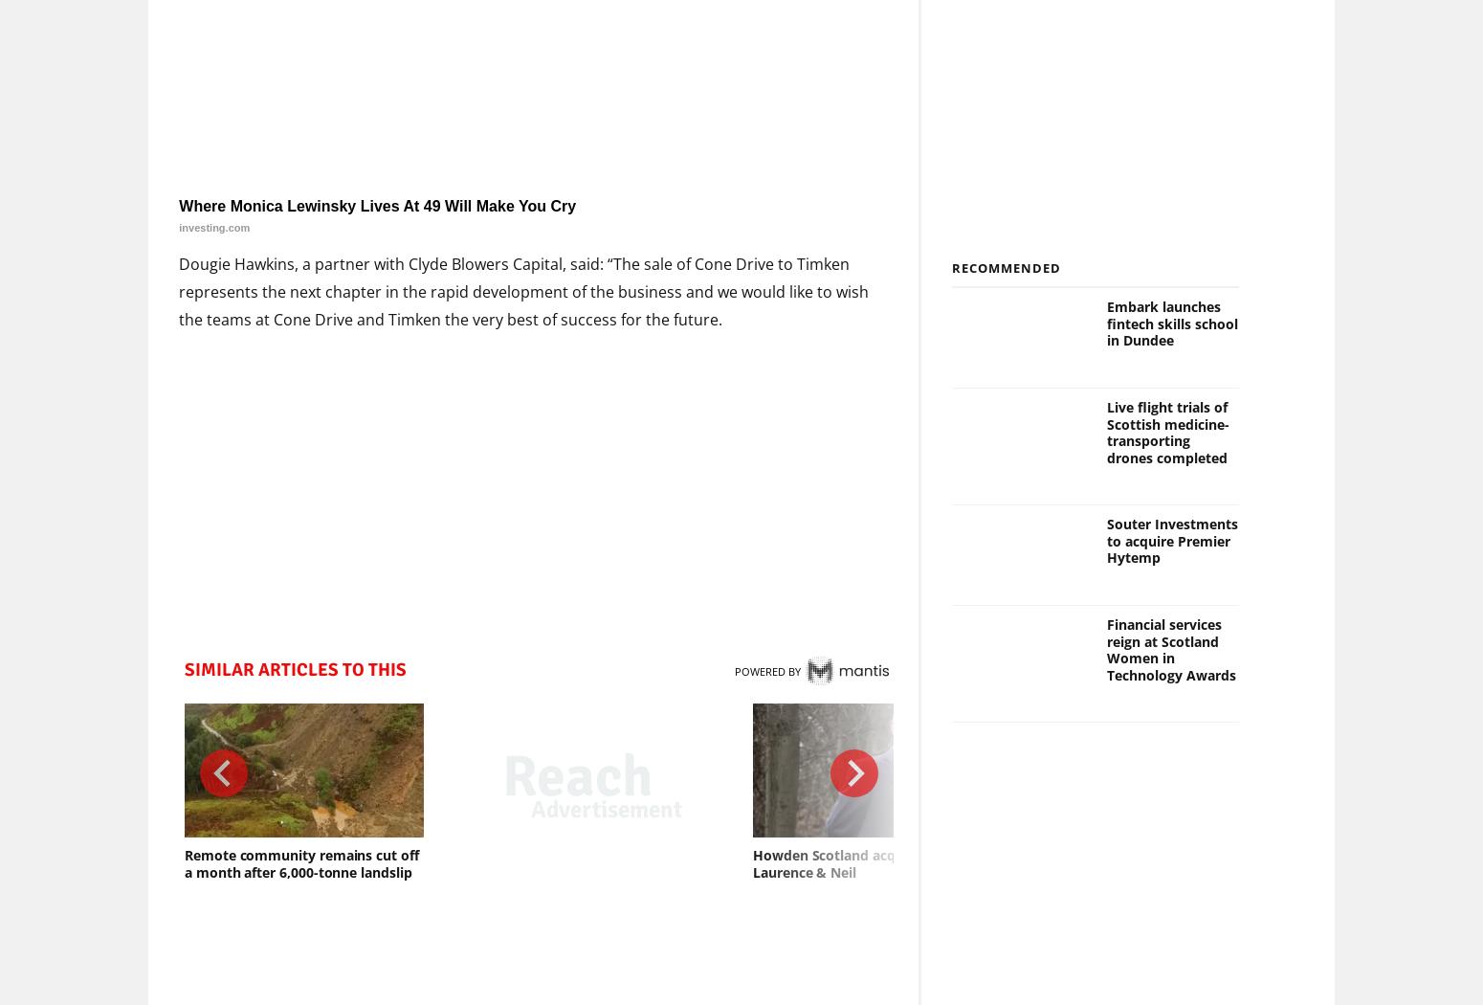 The height and width of the screenshot is (1005, 1483). Describe the element at coordinates (523, 292) in the screenshot. I see `'Dougie Hawkins, a partner with Clyde Blowers Capital, said: “The sale of Cone Drive to Timken represents the next chapter in the rapid development of the business and we would like to wish the teams at Cone Drive and Timken the very best of success for the future.'` at that location.